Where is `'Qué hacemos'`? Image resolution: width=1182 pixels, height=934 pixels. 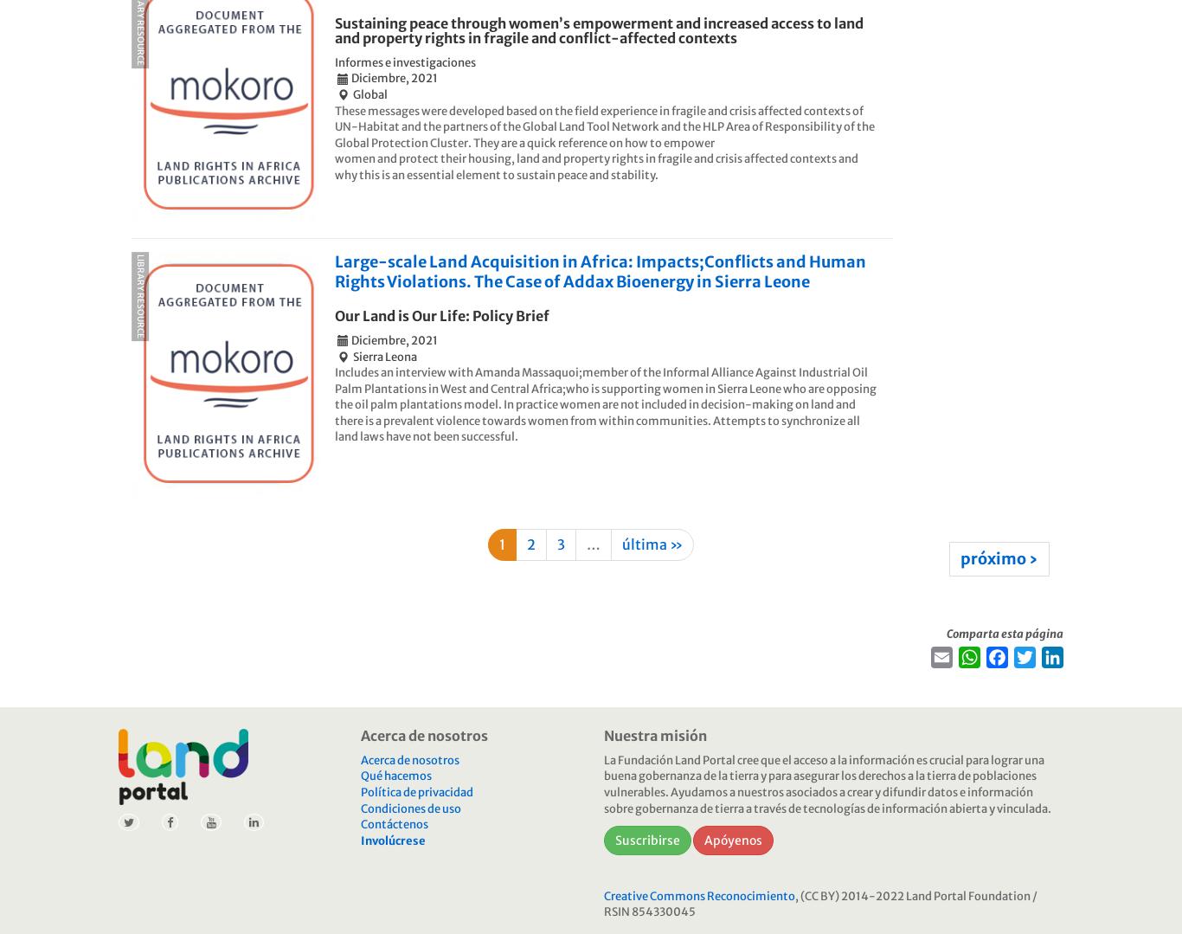
'Qué hacemos' is located at coordinates (360, 775).